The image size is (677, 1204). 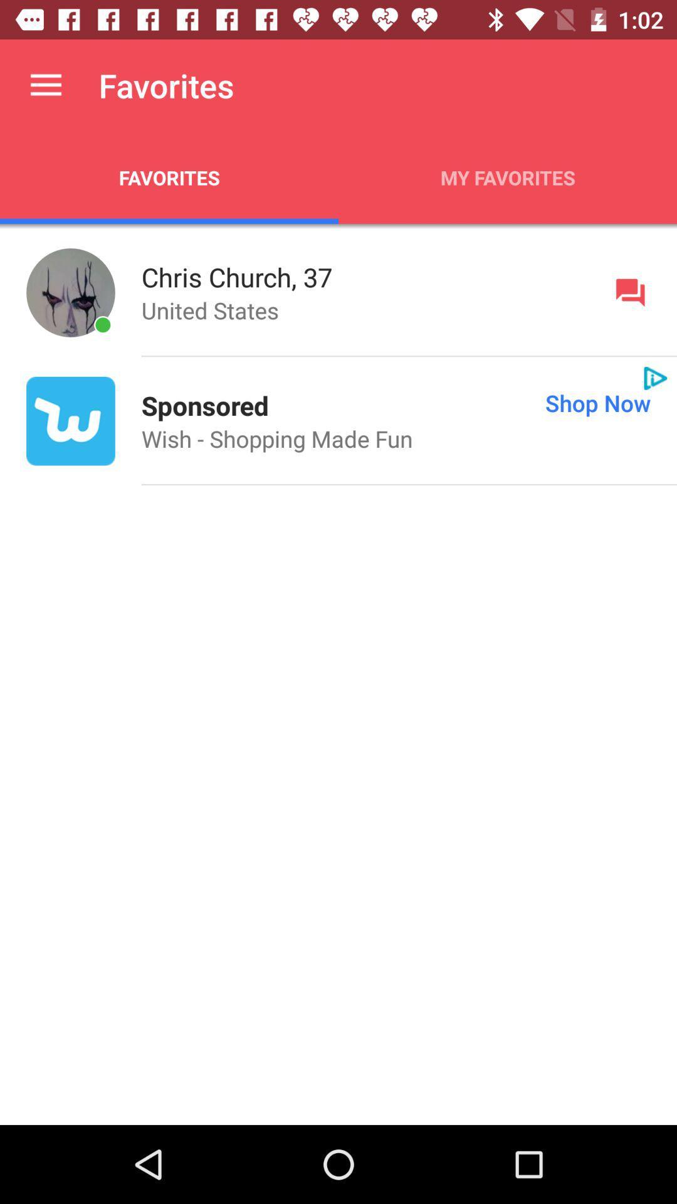 I want to click on app on the right, so click(x=473, y=403).